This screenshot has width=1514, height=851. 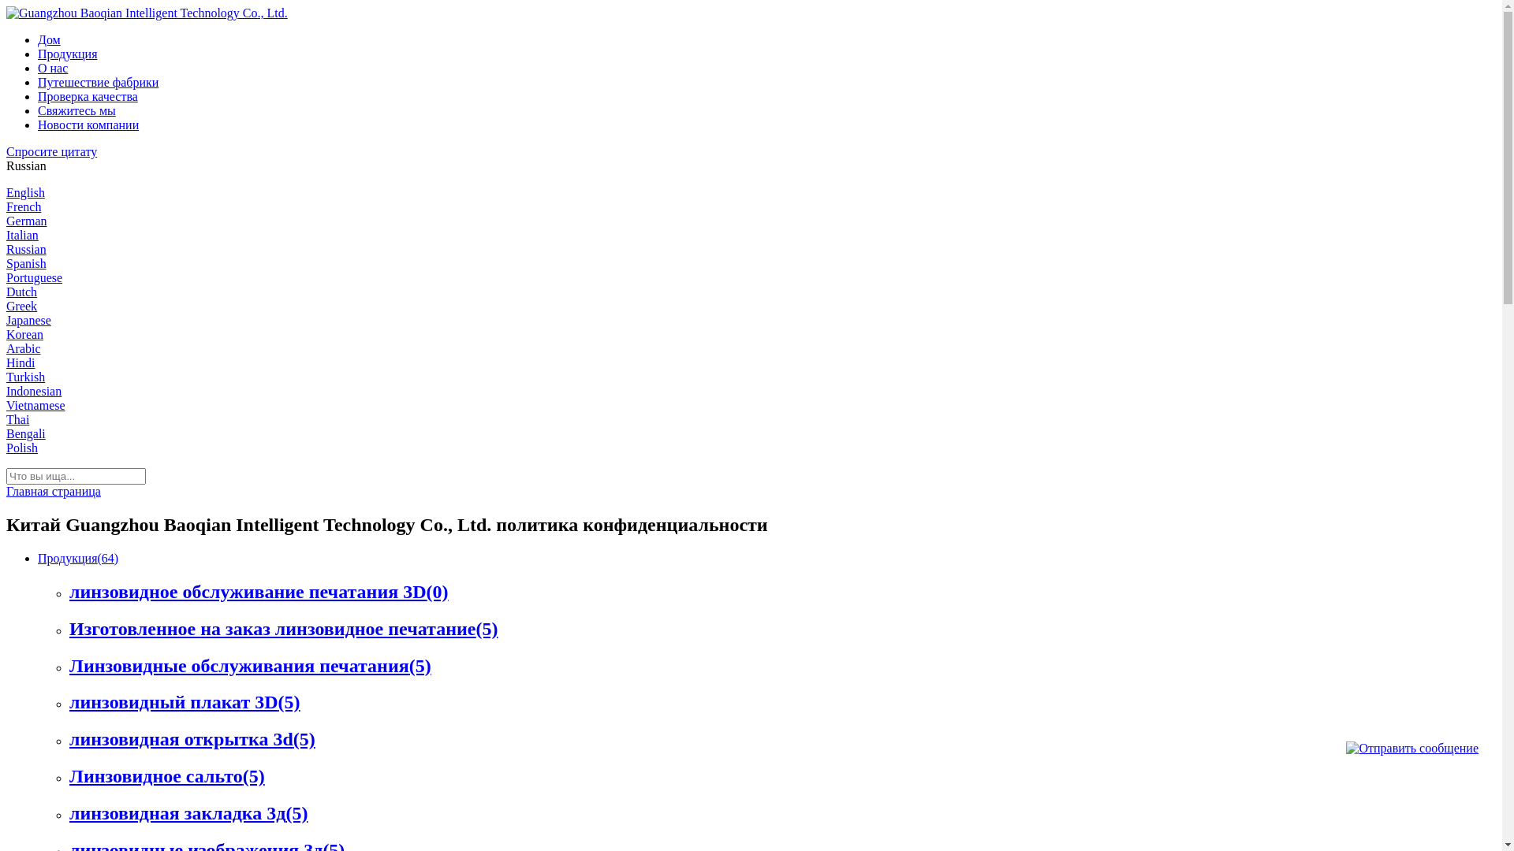 What do you see at coordinates (26, 262) in the screenshot?
I see `'Spanish'` at bounding box center [26, 262].